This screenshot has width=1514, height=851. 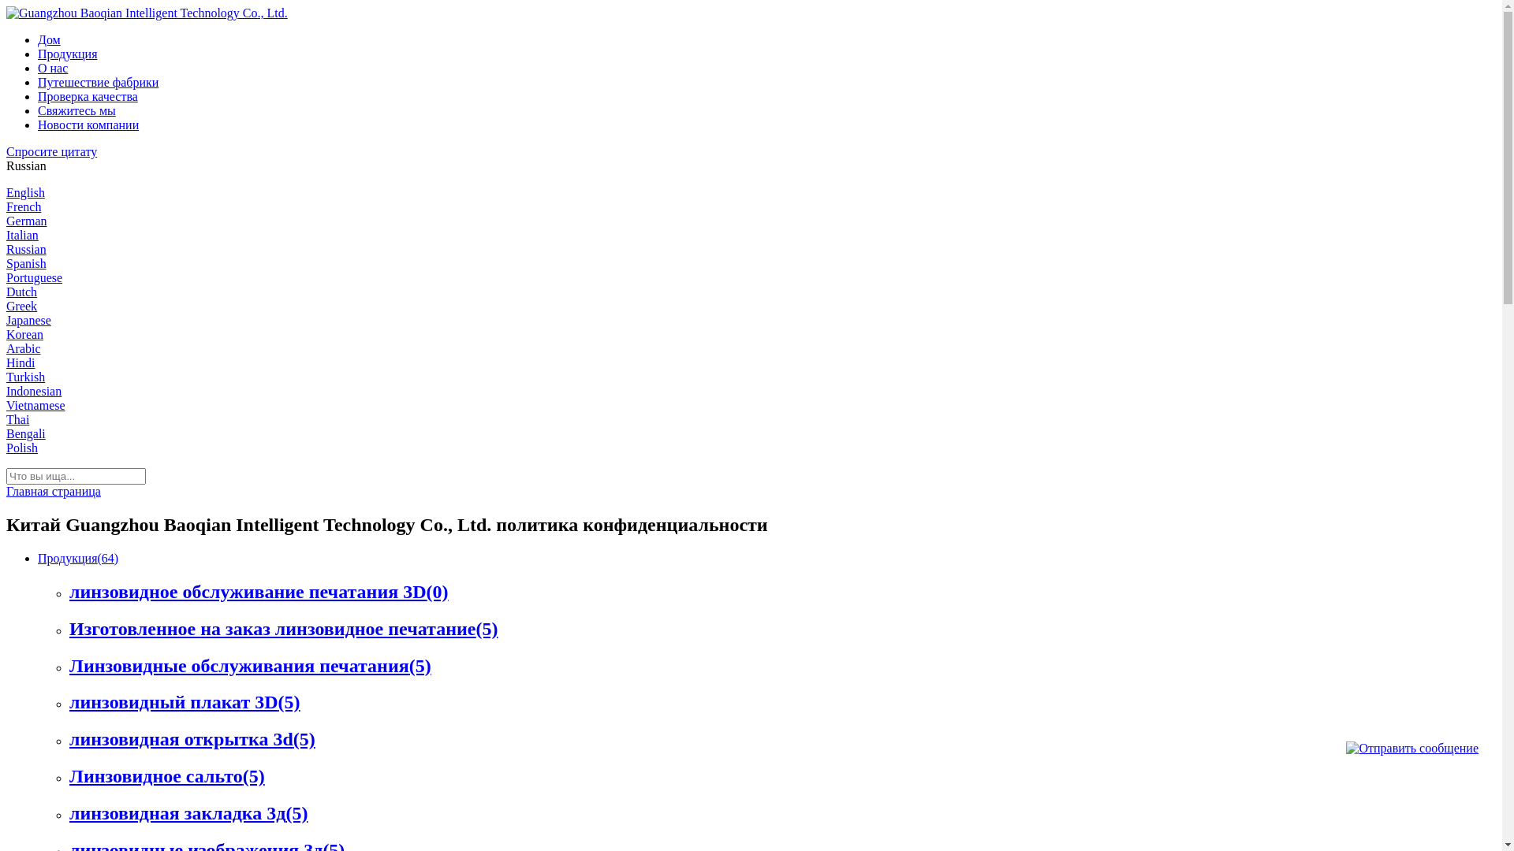 What do you see at coordinates (26, 262) in the screenshot?
I see `'Spanish'` at bounding box center [26, 262].